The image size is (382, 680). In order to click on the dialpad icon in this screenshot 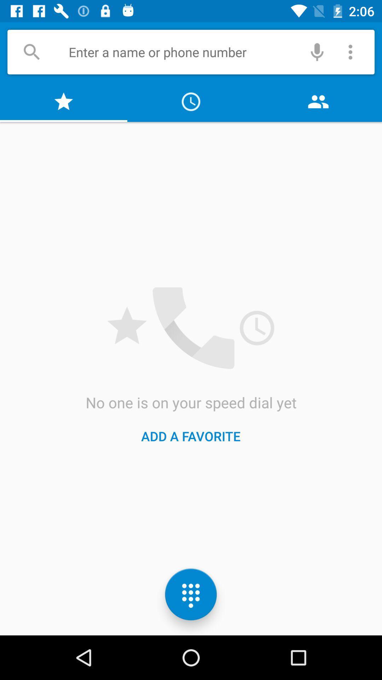, I will do `click(191, 594)`.